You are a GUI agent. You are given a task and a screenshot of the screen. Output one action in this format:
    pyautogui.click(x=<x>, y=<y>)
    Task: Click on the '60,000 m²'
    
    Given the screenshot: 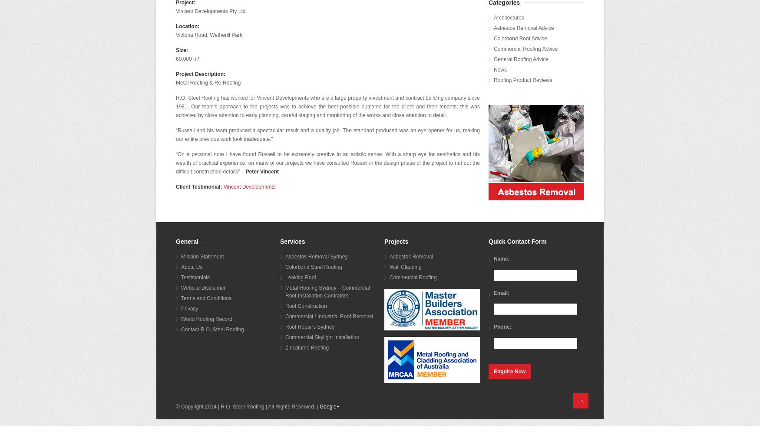 What is the action you would take?
    pyautogui.click(x=187, y=58)
    